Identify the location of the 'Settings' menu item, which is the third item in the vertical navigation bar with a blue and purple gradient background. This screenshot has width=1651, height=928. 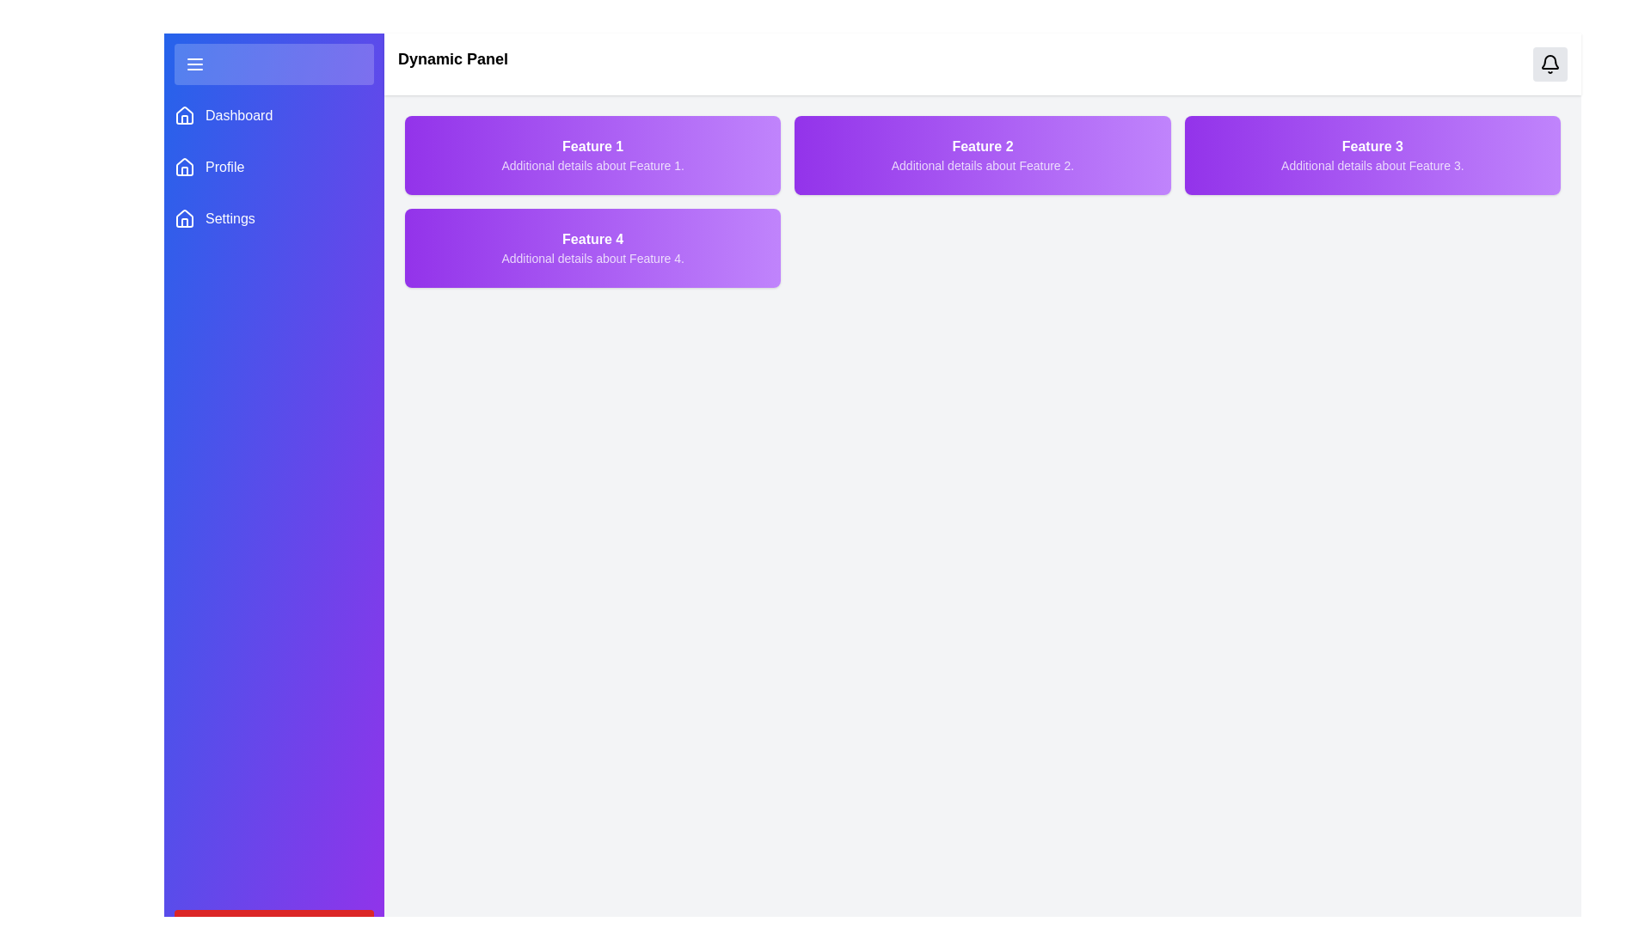
(273, 217).